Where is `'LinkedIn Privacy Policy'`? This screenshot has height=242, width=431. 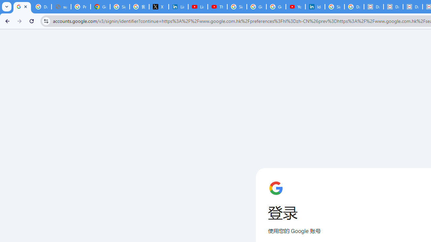
'LinkedIn Privacy Policy' is located at coordinates (178, 7).